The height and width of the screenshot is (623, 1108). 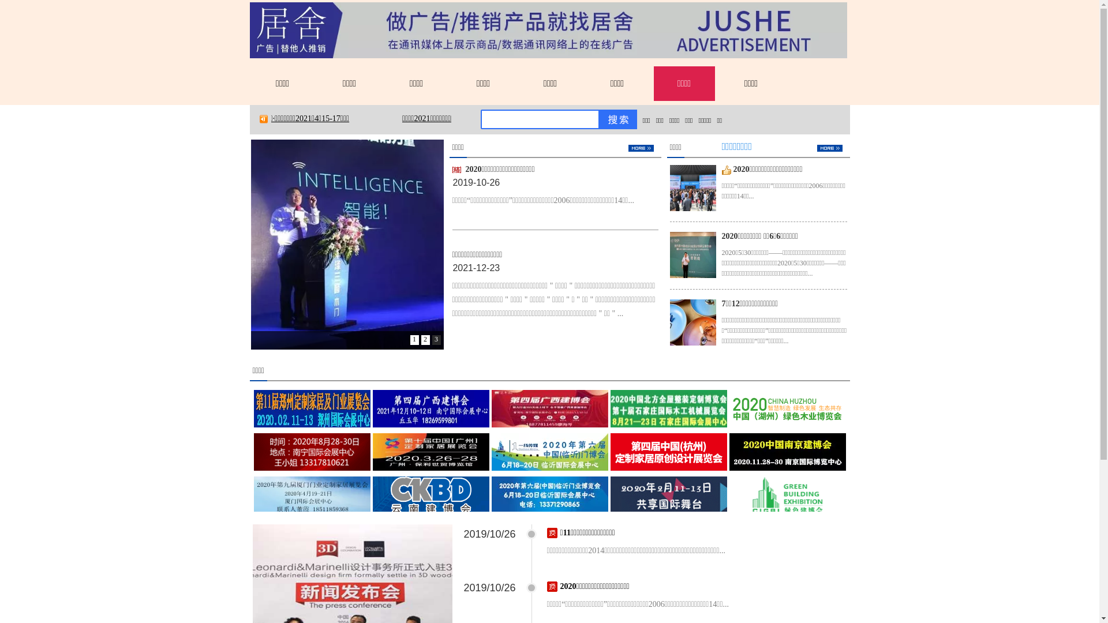 I want to click on '2021-12-23', so click(x=451, y=268).